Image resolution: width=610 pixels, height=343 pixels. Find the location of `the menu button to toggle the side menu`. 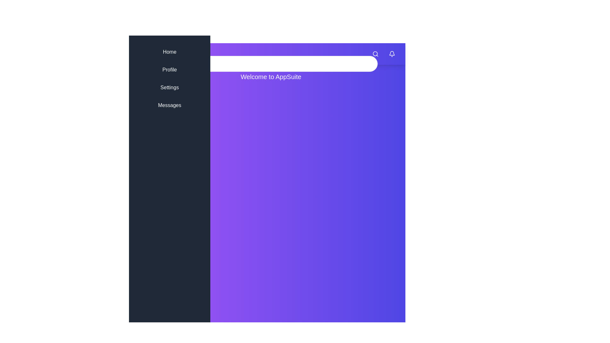

the menu button to toggle the side menu is located at coordinates (149, 53).